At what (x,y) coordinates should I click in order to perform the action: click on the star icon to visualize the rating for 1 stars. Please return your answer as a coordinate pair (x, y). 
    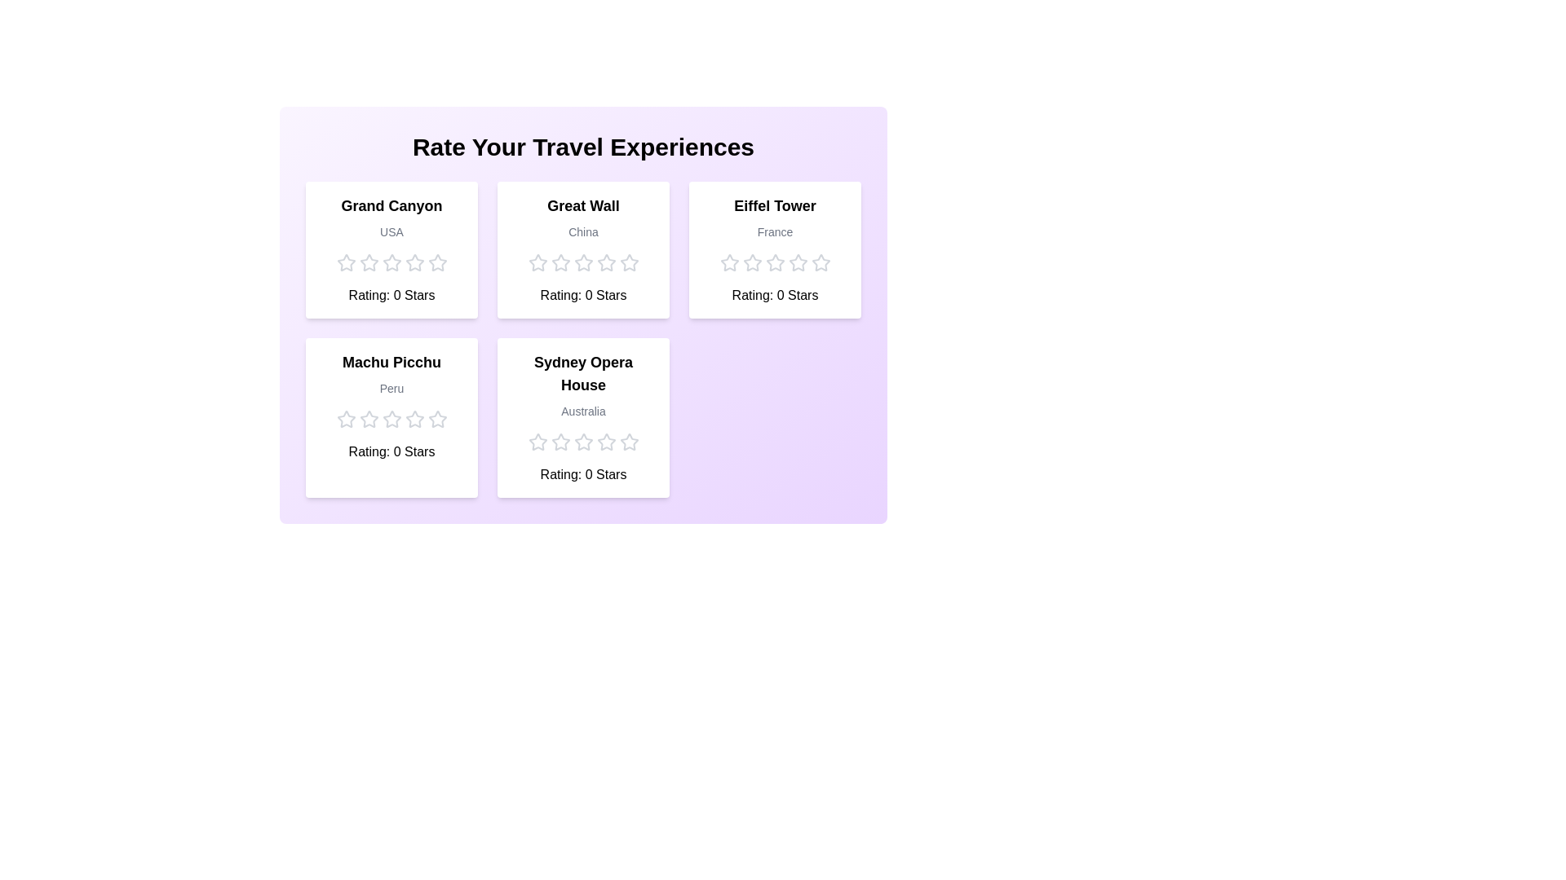
    Looking at the image, I should click on (345, 262).